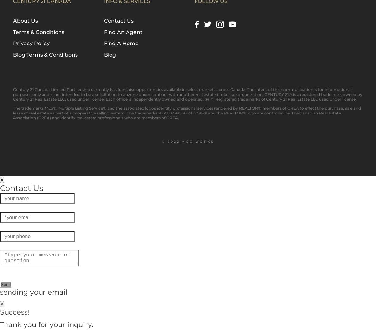 Image resolution: width=376 pixels, height=333 pixels. What do you see at coordinates (123, 32) in the screenshot?
I see `'Find An Agent'` at bounding box center [123, 32].